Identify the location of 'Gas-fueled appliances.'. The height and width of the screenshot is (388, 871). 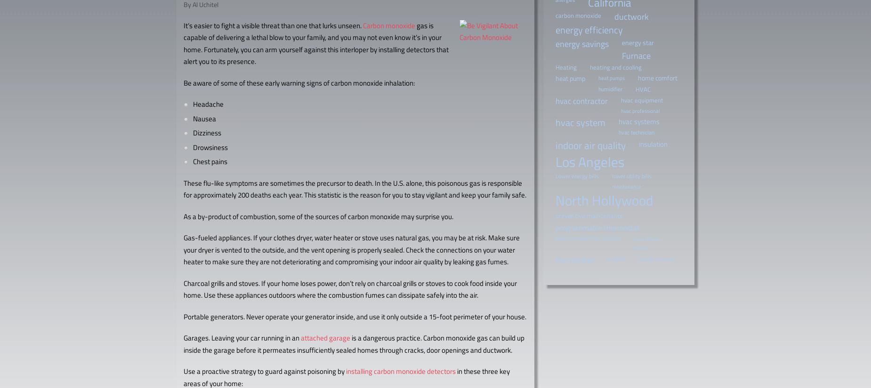
(217, 238).